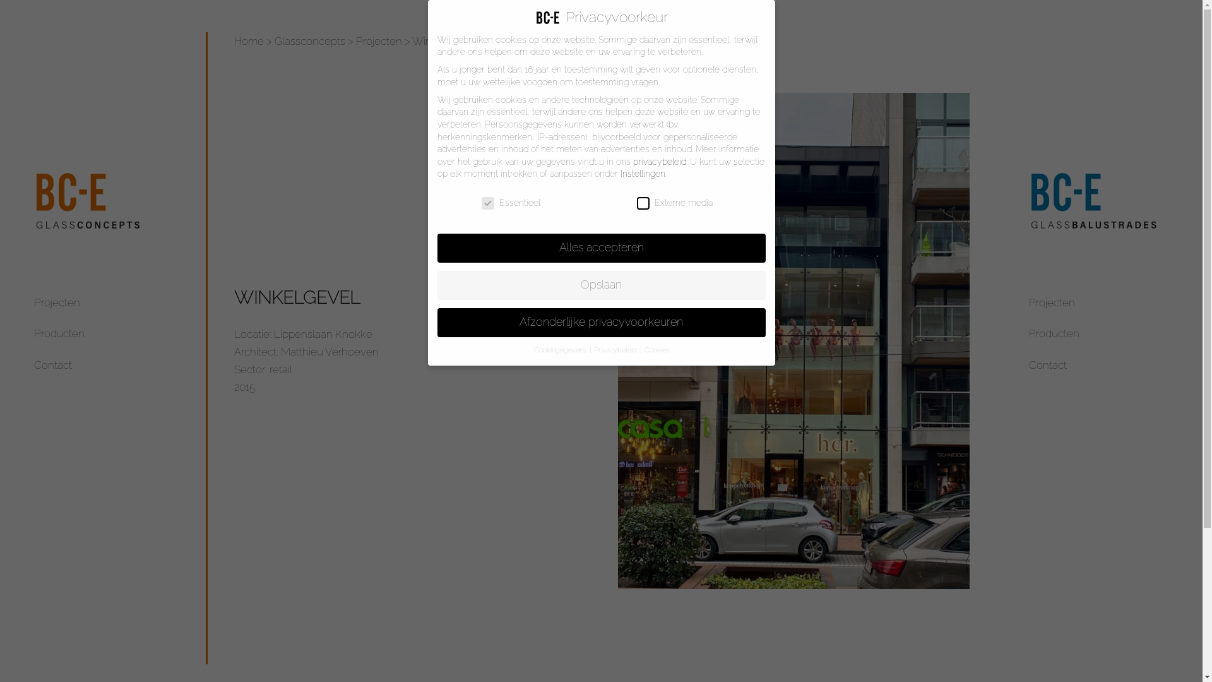  Describe the element at coordinates (59, 333) in the screenshot. I see `'Producten'` at that location.